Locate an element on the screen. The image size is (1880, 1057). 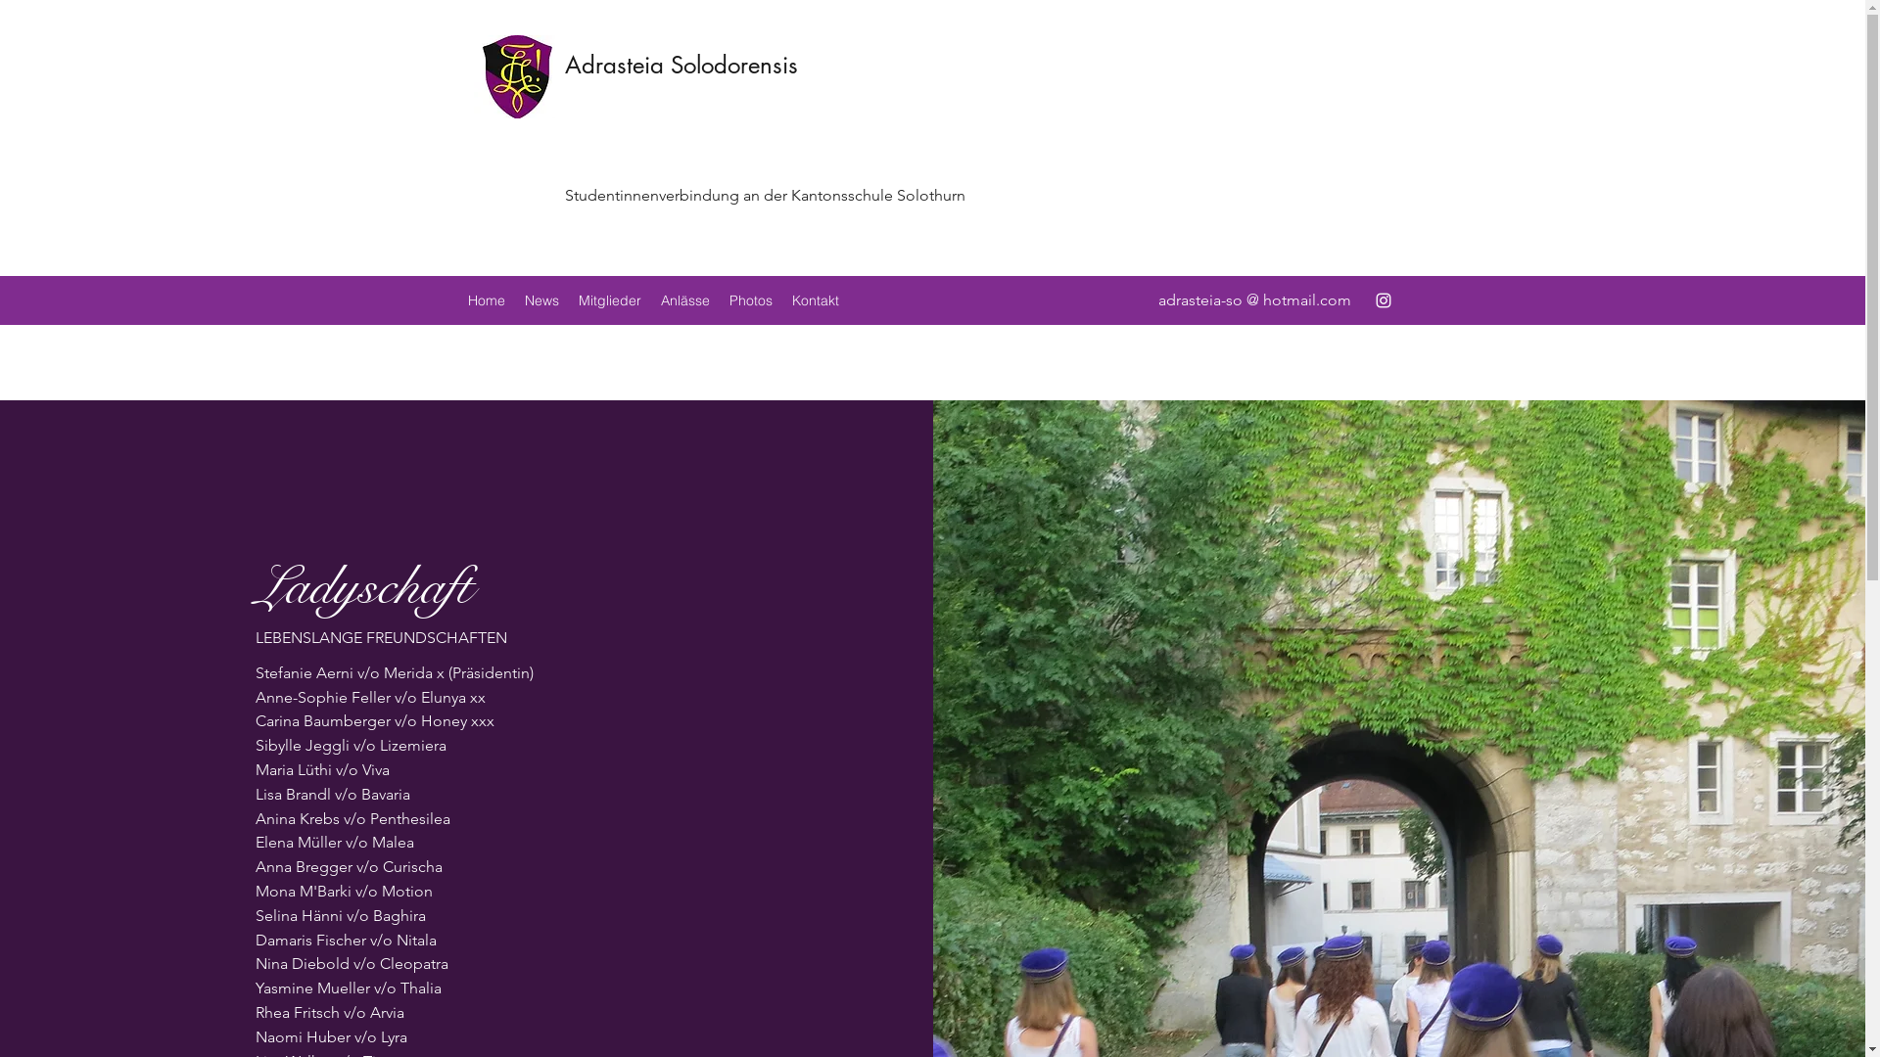
'Photos' is located at coordinates (749, 300).